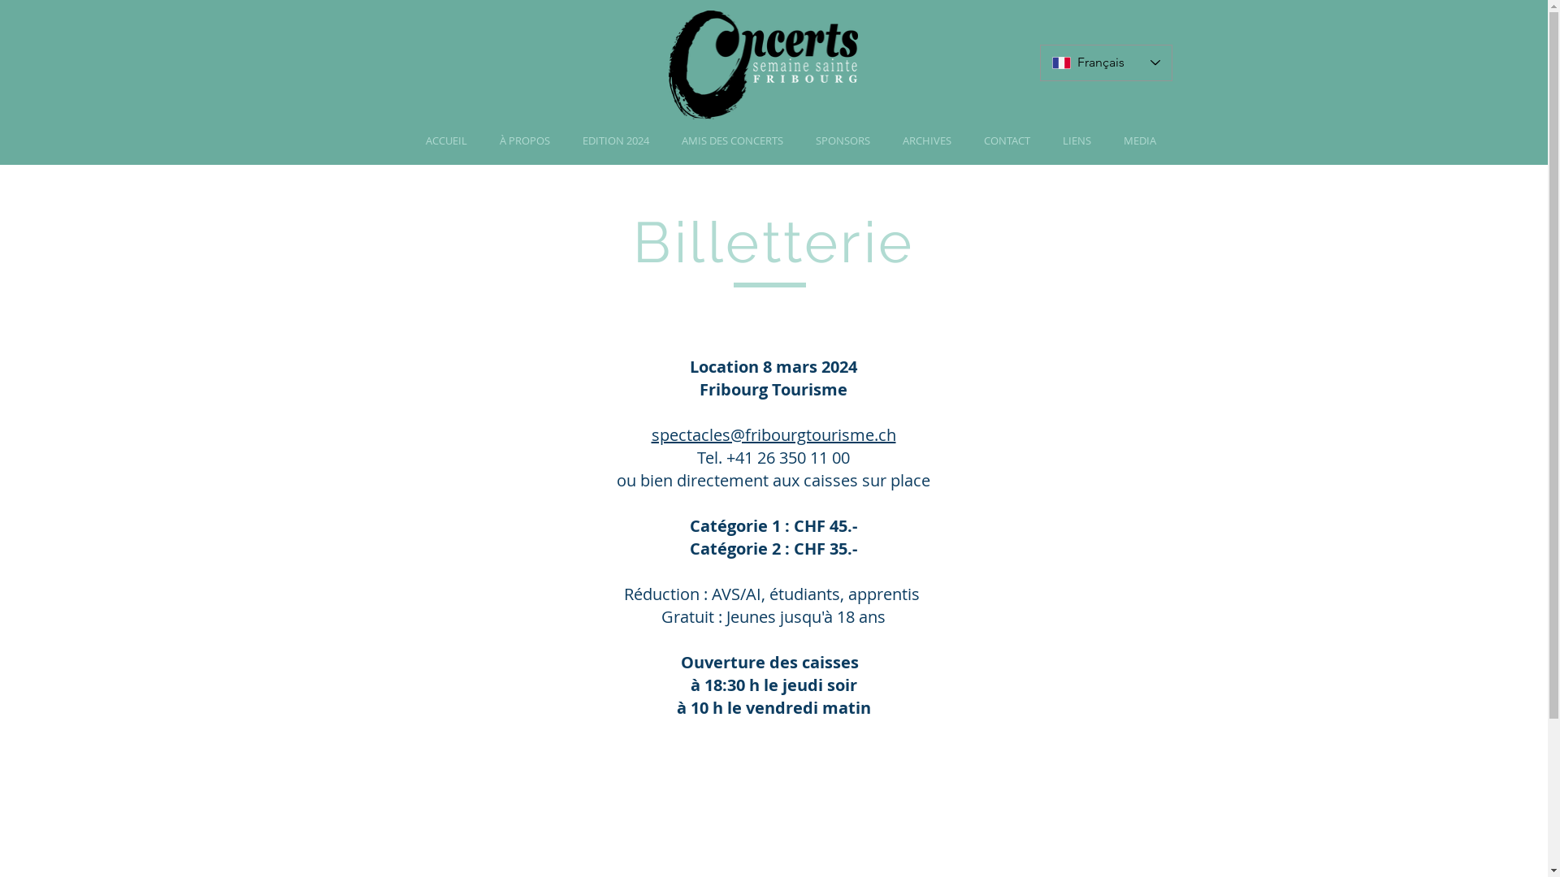 The width and height of the screenshot is (1560, 877). What do you see at coordinates (1106, 140) in the screenshot?
I see `'MEDIA'` at bounding box center [1106, 140].